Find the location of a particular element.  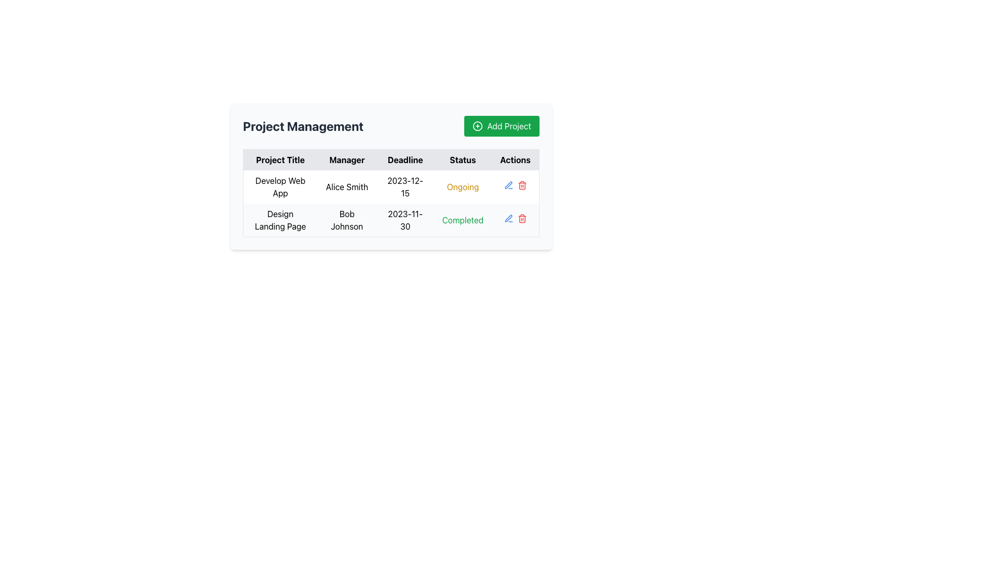

the Circle SVG element located in the top-right corner of the interface, which serves as a decorative or graphical component indicating an action or state is located at coordinates (477, 126).